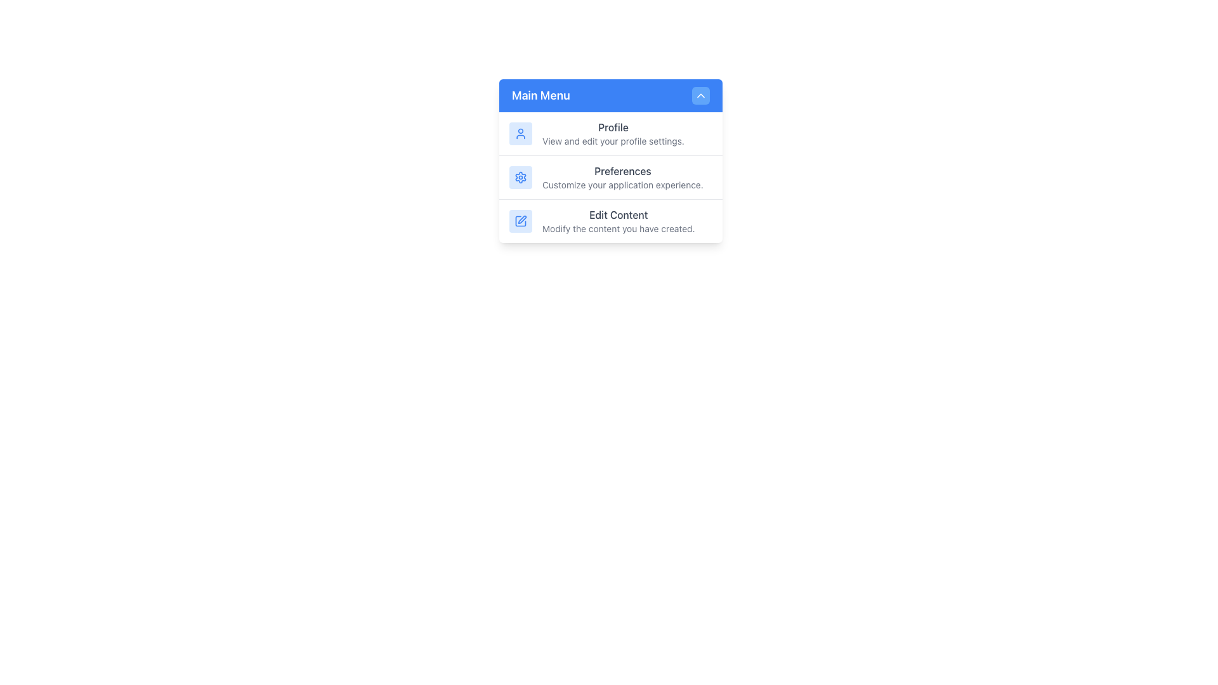 The image size is (1218, 685). What do you see at coordinates (622, 178) in the screenshot?
I see `the 'Preferences' text block` at bounding box center [622, 178].